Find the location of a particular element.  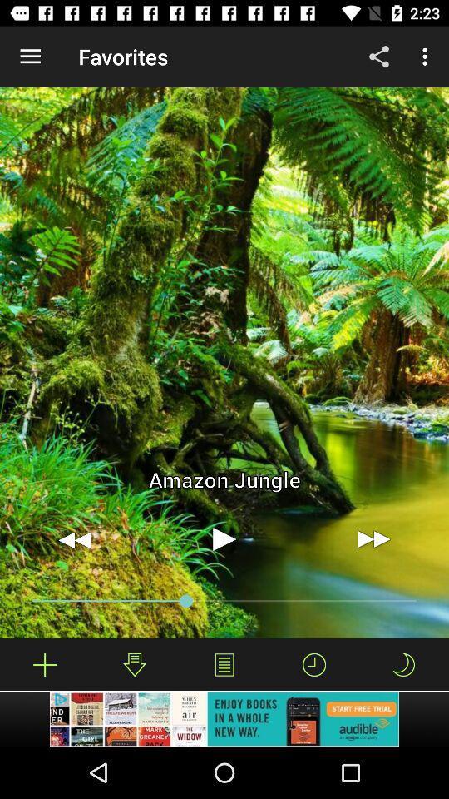

icon below amazon jungle item is located at coordinates (224, 538).